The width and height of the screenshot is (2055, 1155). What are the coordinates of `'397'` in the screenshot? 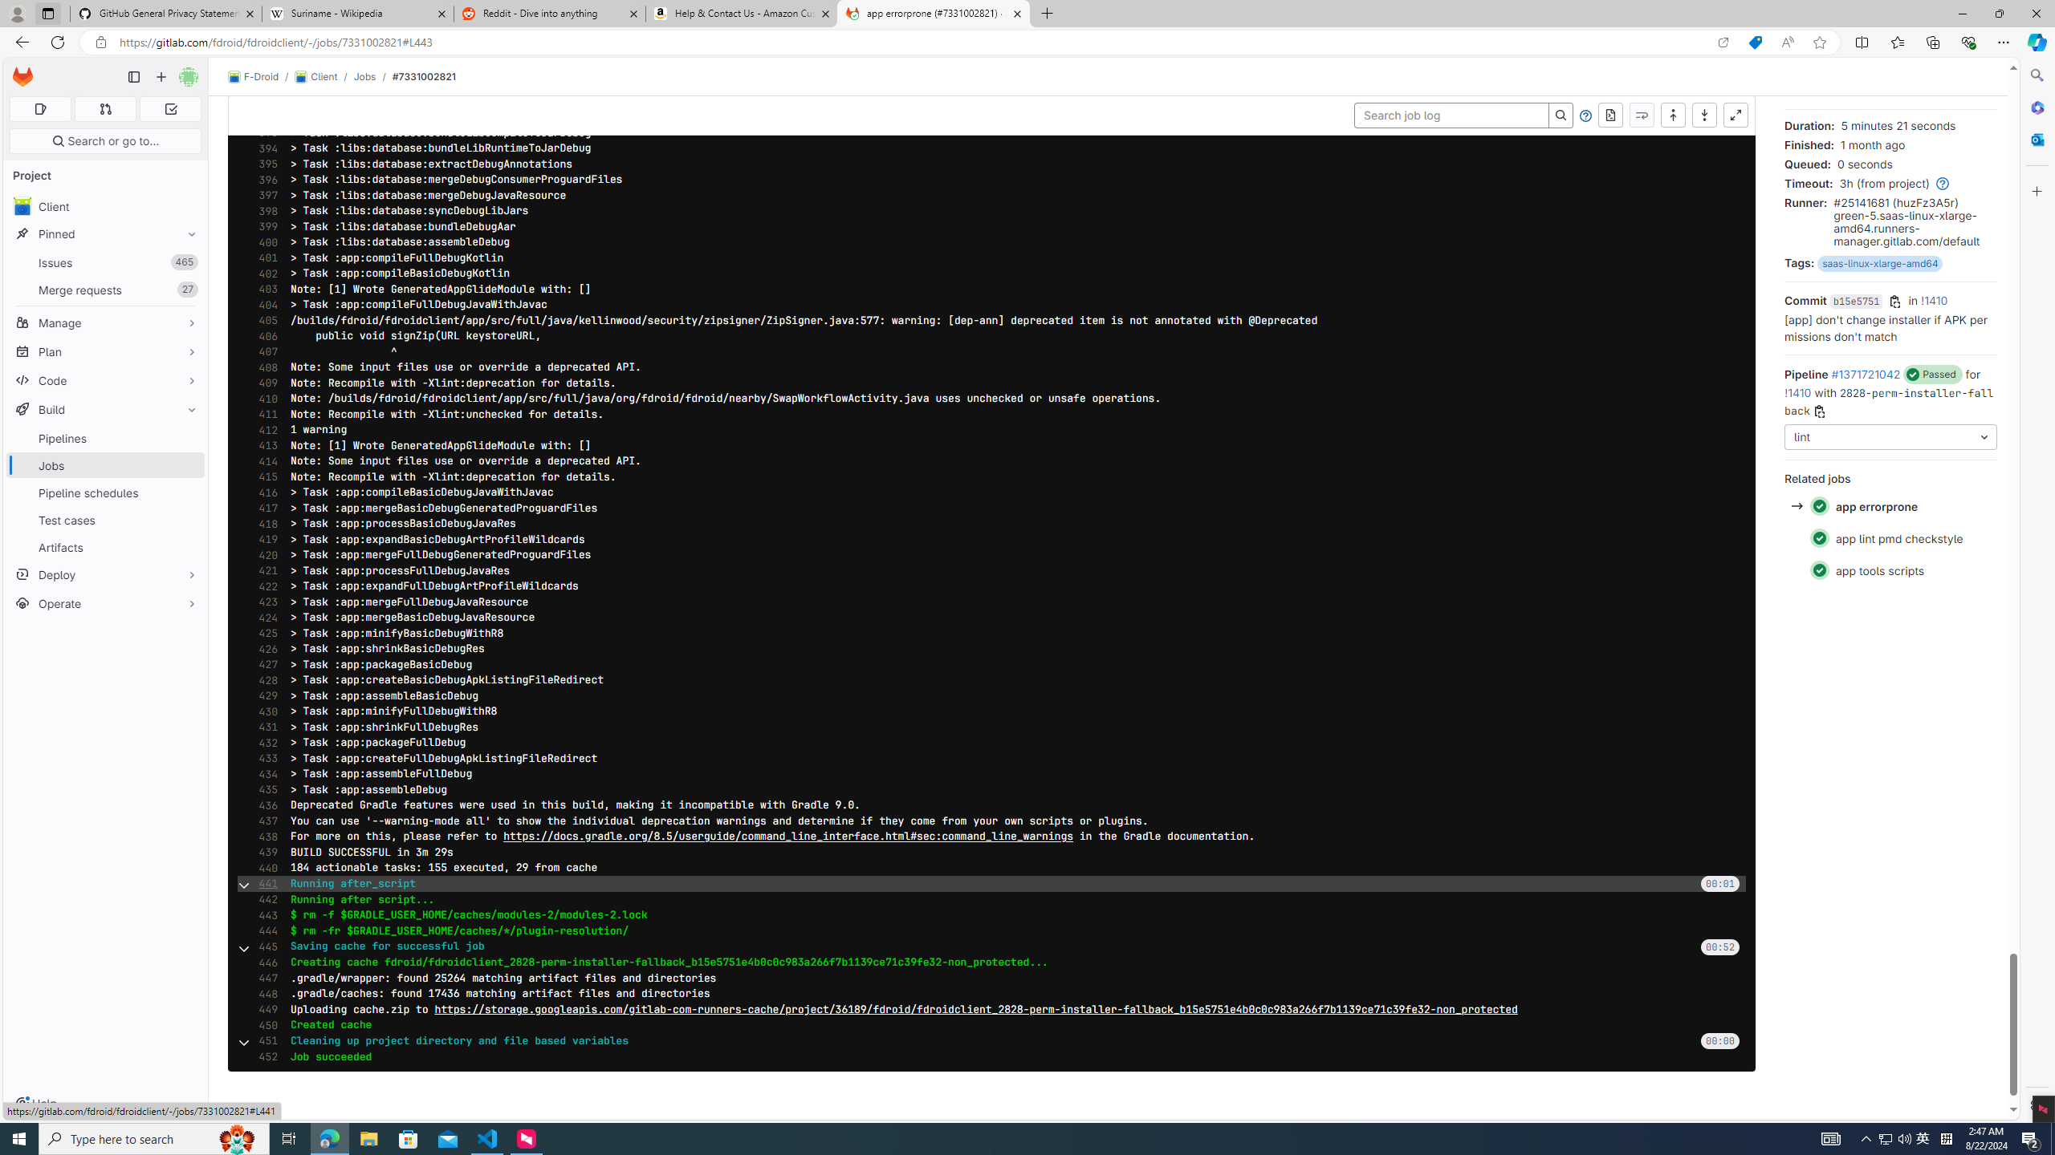 It's located at (262, 194).